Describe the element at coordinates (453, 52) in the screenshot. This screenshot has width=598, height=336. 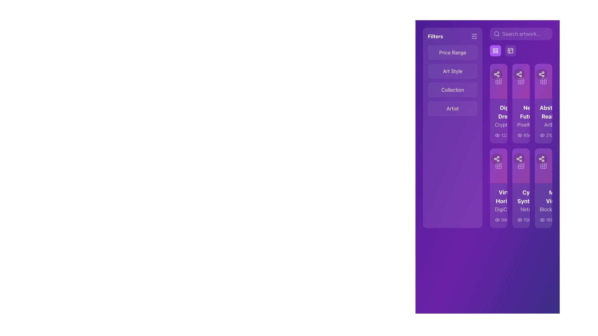
I see `the 'Price Range' filter category selector button located at the top-left corner of the filtering section in the sidebar` at that location.